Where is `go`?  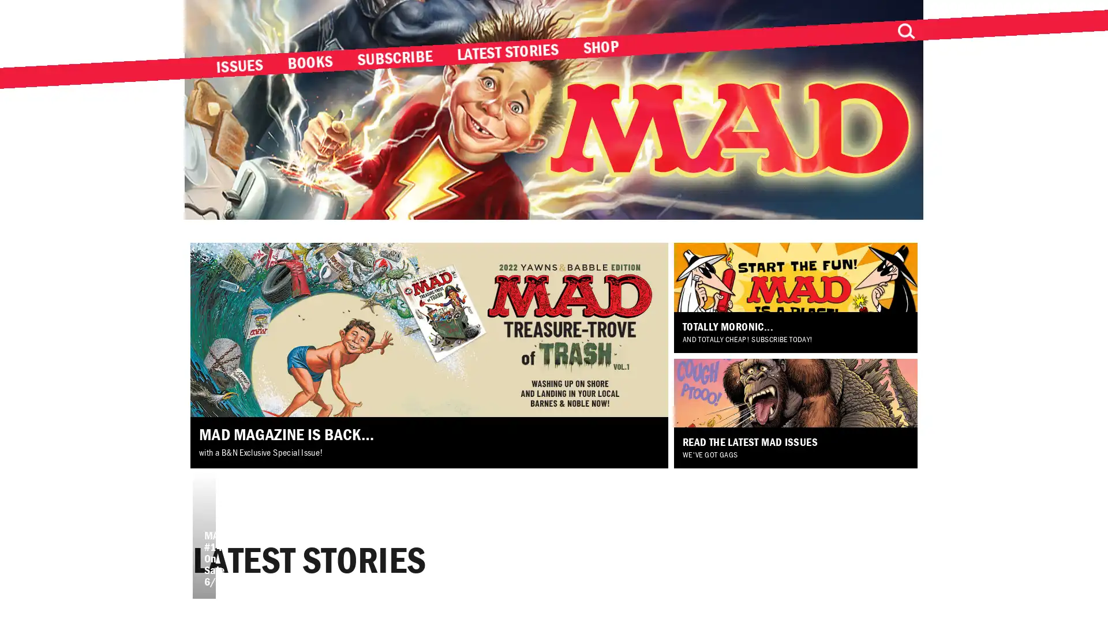
go is located at coordinates (905, 31).